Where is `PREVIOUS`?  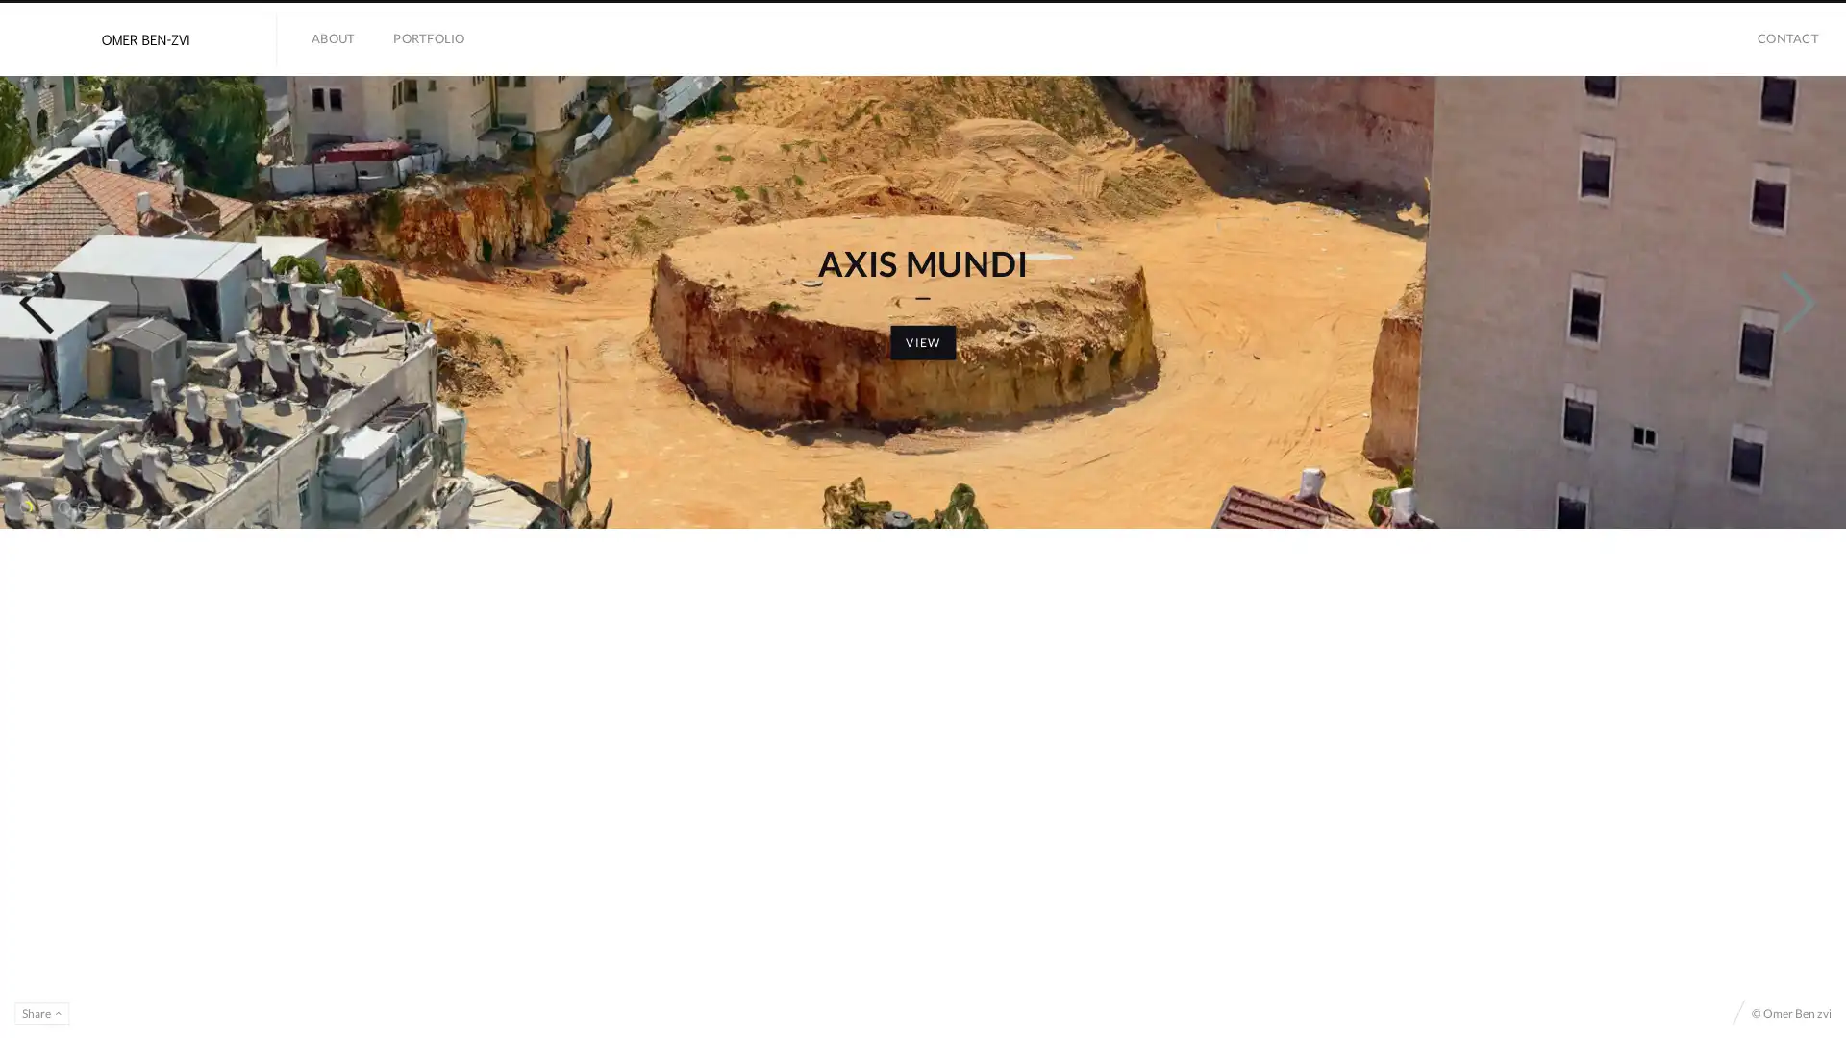 PREVIOUS is located at coordinates (57, 532).